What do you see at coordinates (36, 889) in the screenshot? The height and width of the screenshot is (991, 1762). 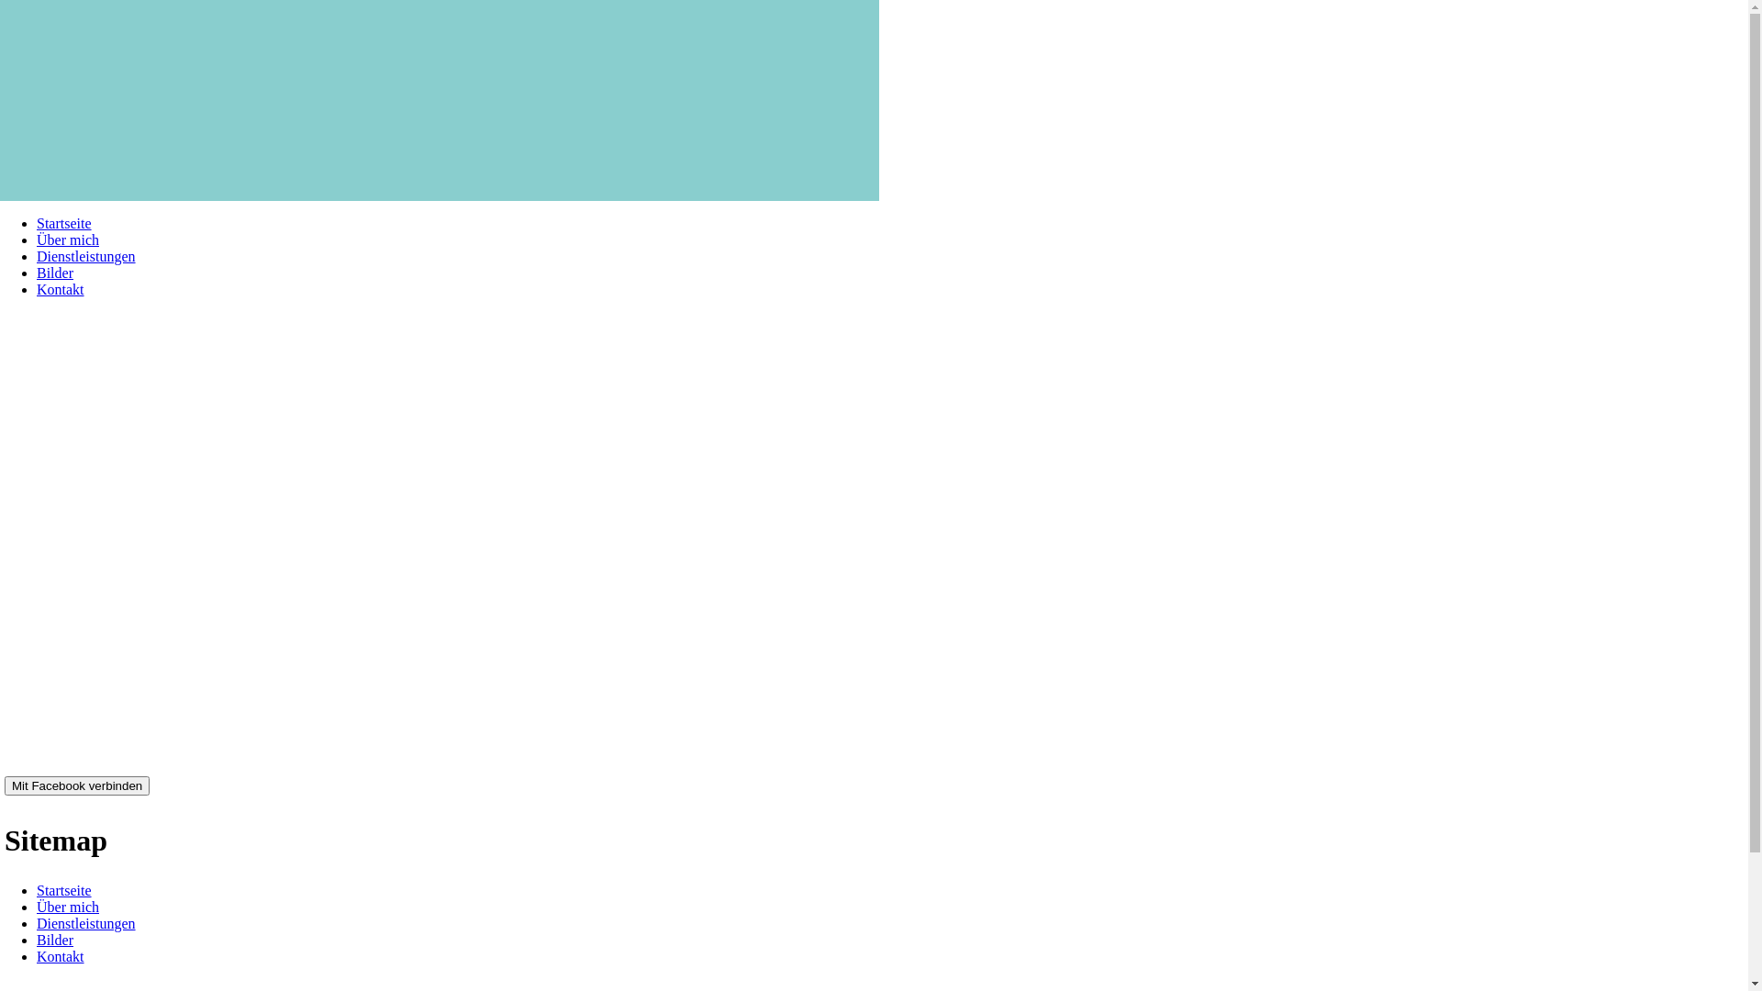 I see `'Startseite'` at bounding box center [36, 889].